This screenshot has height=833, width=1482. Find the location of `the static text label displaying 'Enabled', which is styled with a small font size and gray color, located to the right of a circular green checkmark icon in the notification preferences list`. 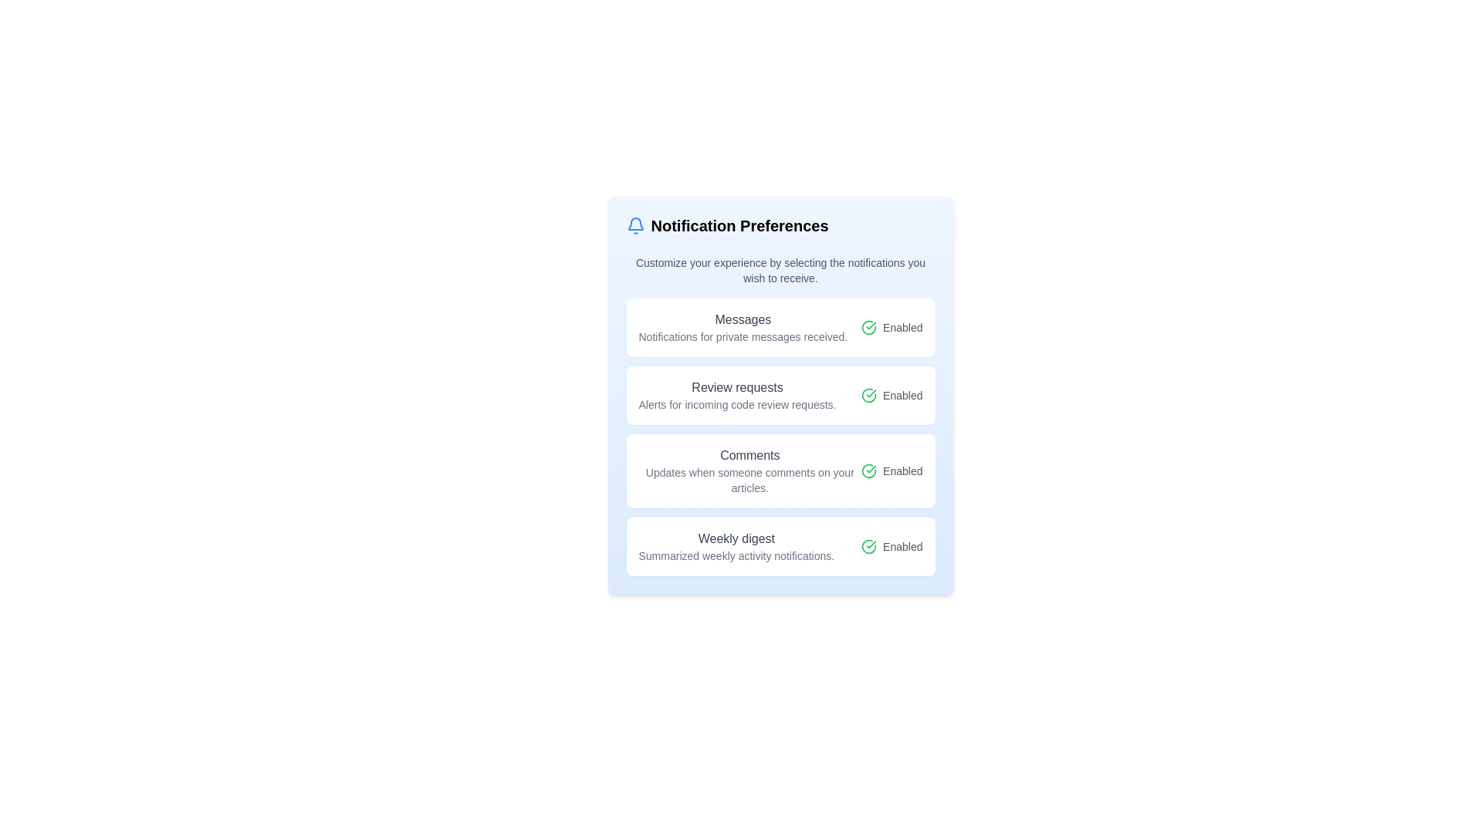

the static text label displaying 'Enabled', which is styled with a small font size and gray color, located to the right of a circular green checkmark icon in the notification preferences list is located at coordinates (902, 326).